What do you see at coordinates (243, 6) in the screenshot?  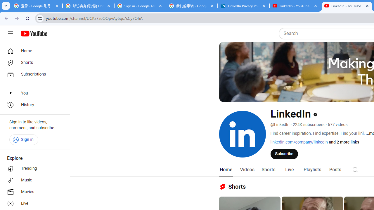 I see `'LinkedIn Privacy Policy'` at bounding box center [243, 6].